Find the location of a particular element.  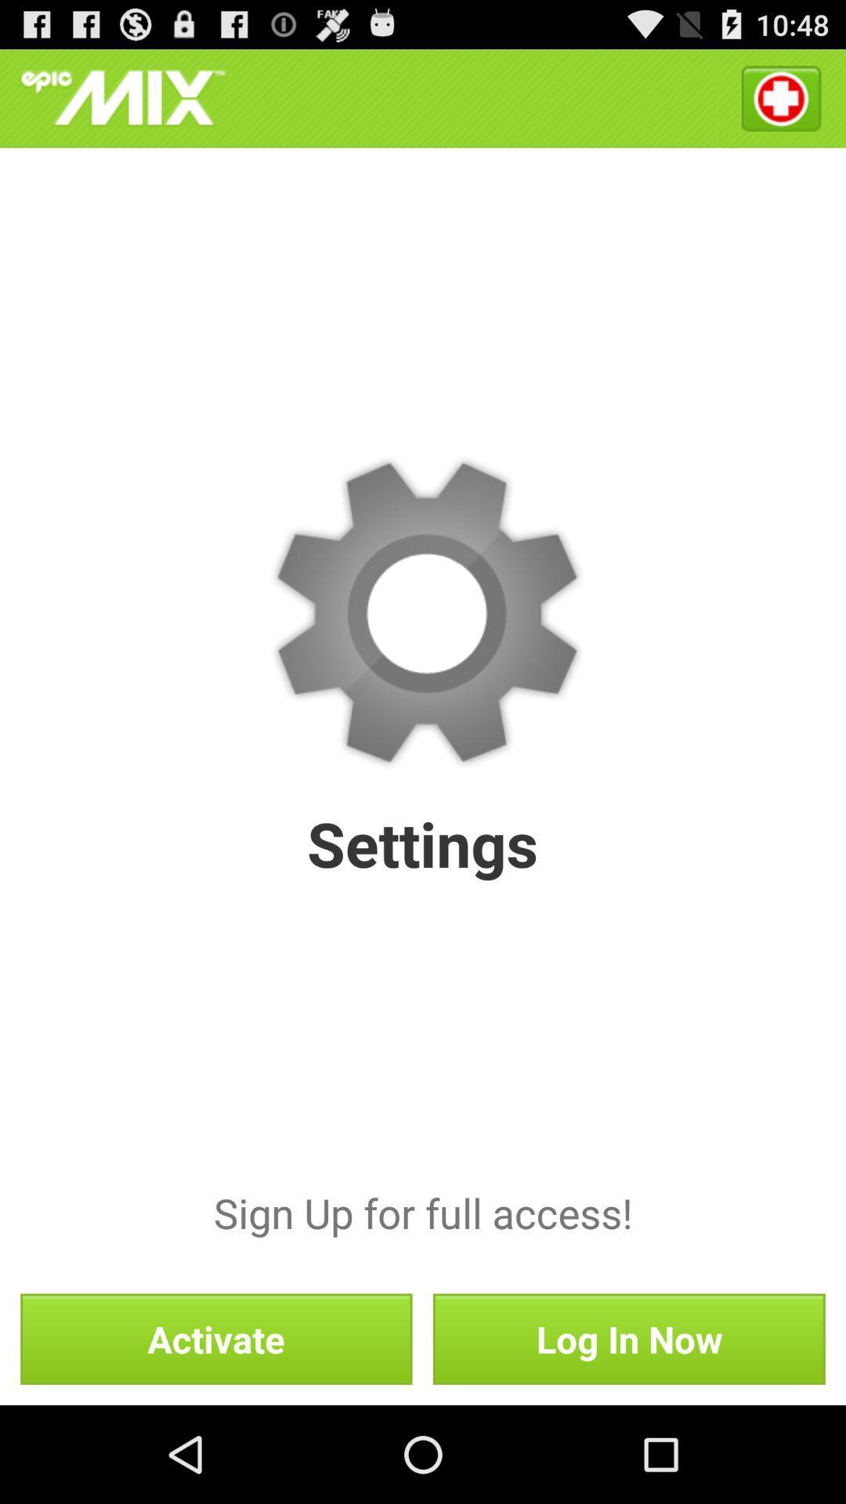

the icon above the sign up for icon is located at coordinates (780, 97).